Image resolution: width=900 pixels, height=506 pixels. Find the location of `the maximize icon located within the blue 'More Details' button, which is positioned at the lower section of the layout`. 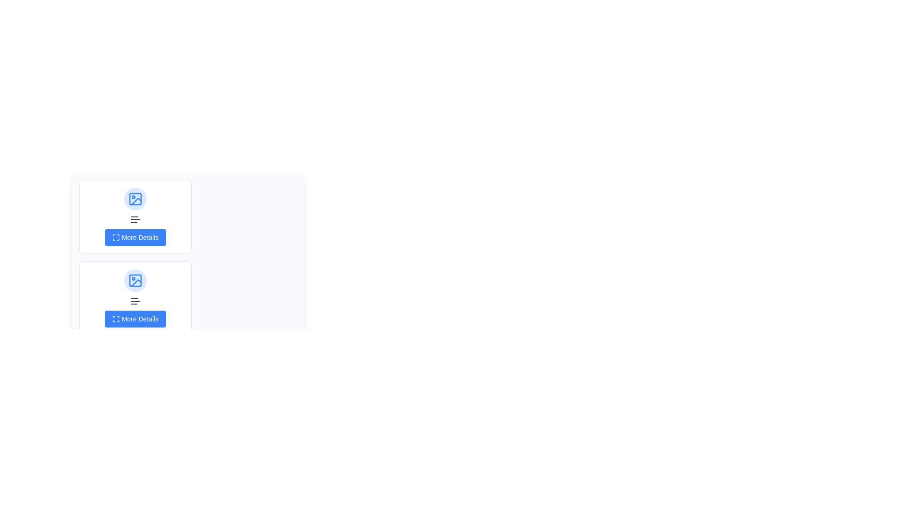

the maximize icon located within the blue 'More Details' button, which is positioned at the lower section of the layout is located at coordinates (115, 319).